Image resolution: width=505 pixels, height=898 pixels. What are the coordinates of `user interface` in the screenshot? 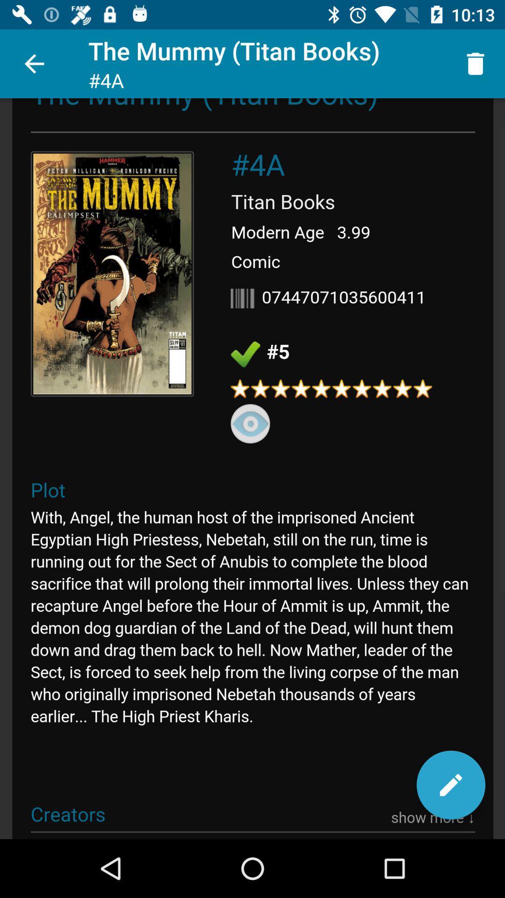 It's located at (252, 469).